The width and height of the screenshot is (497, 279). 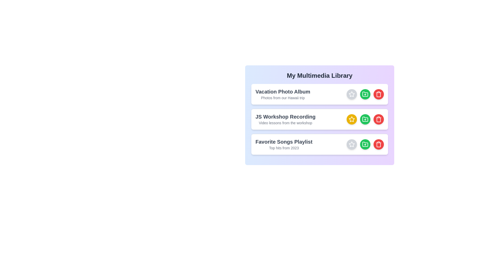 What do you see at coordinates (352, 119) in the screenshot?
I see `the star-shaped icon` at bounding box center [352, 119].